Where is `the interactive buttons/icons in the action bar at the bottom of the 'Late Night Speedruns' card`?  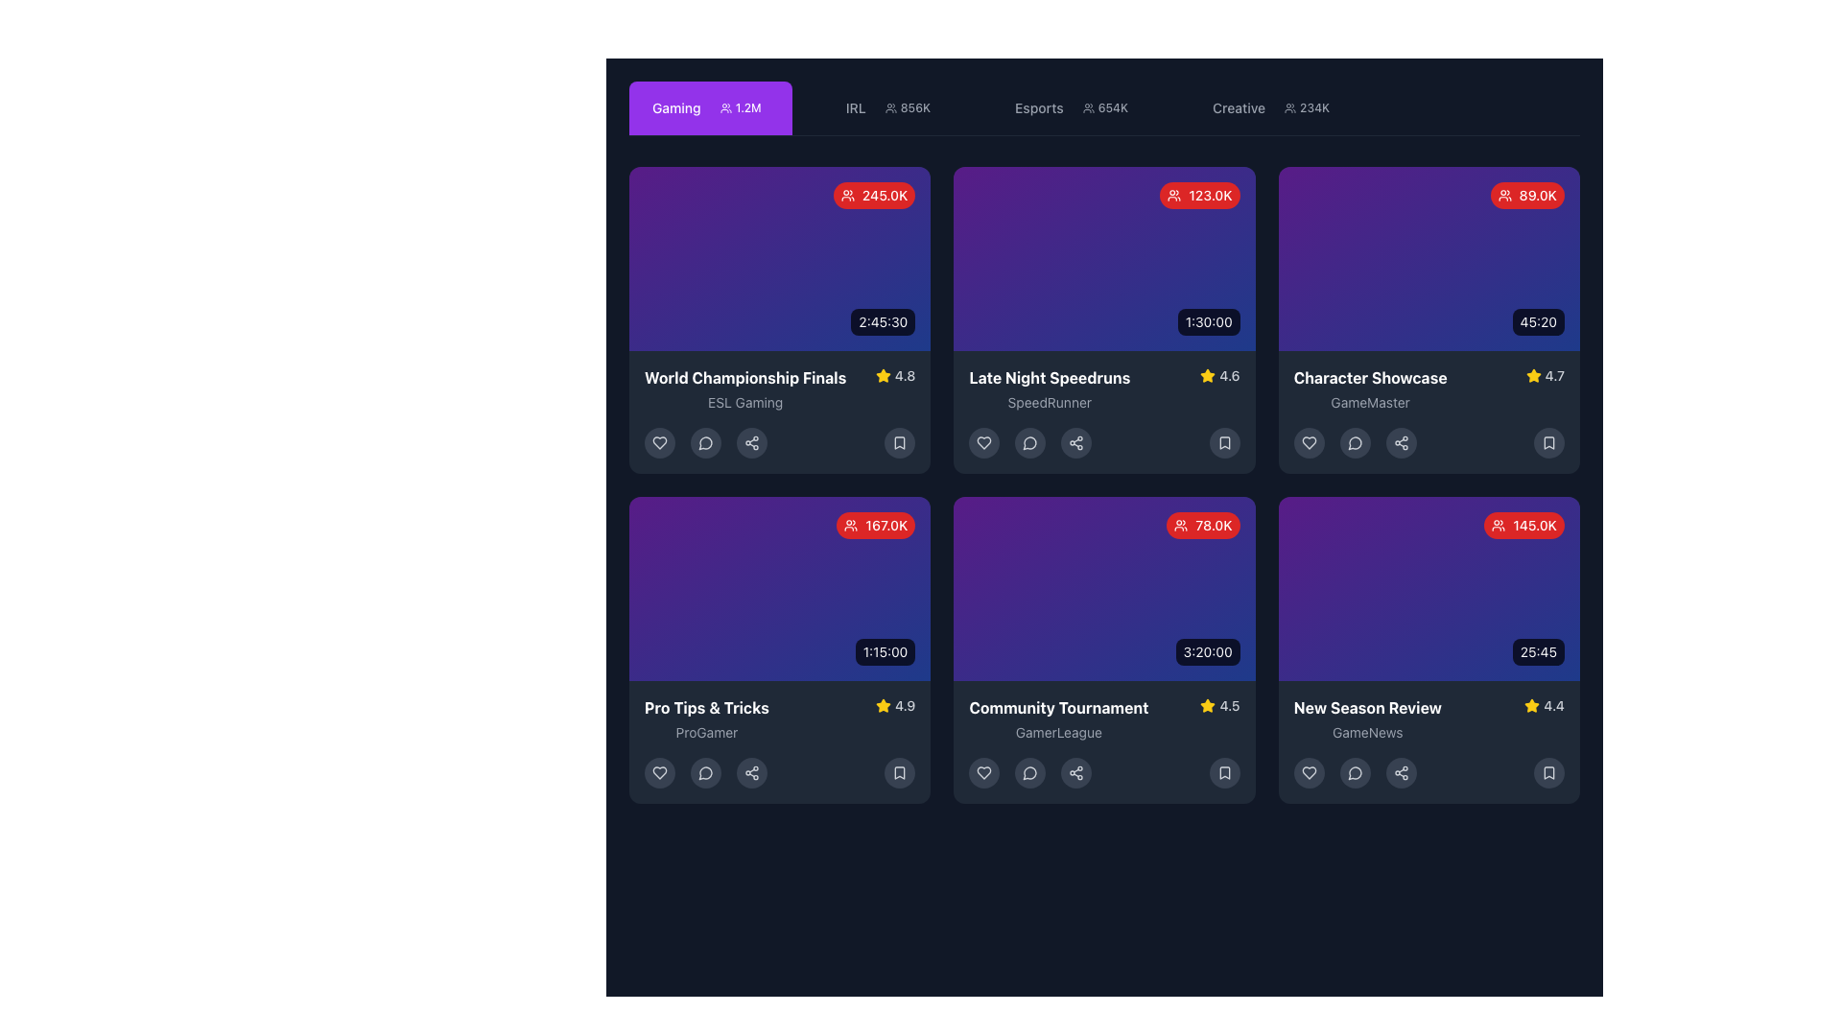
the interactive buttons/icons in the action bar at the bottom of the 'Late Night Speedruns' card is located at coordinates (1104, 443).